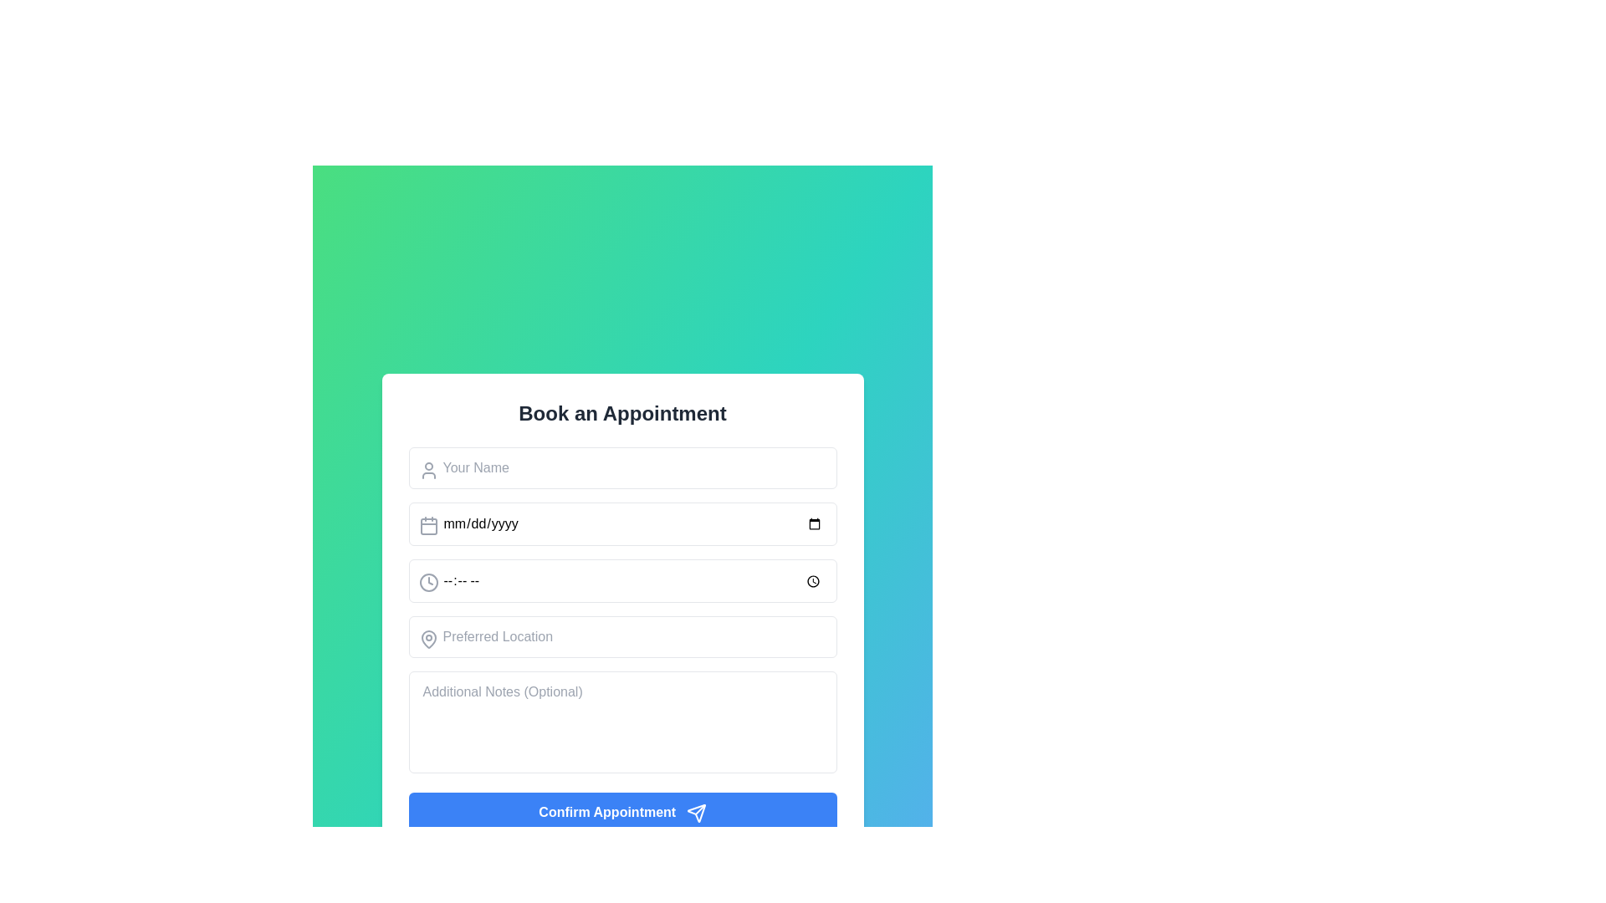 The image size is (1606, 903). Describe the element at coordinates (621, 580) in the screenshot. I see `the Time input field located within the 'Book an Appointment' form to focus on it` at that location.